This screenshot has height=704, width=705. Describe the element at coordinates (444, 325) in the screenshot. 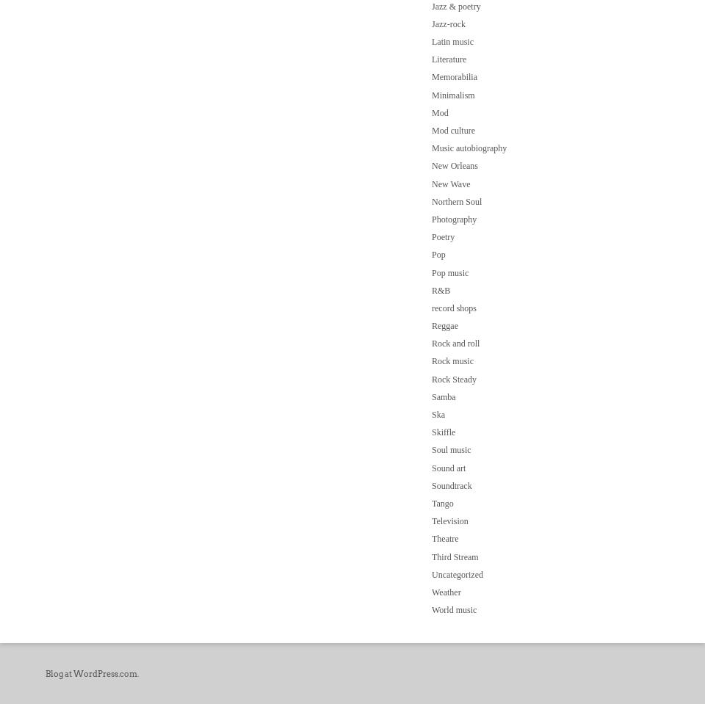

I see `'Reggae'` at that location.